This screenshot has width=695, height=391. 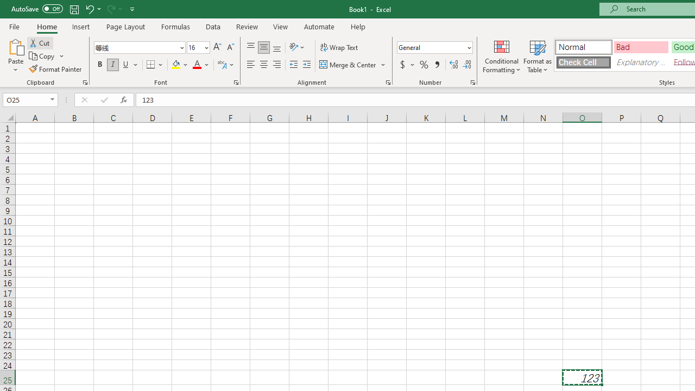 I want to click on 'Check Cell', so click(x=583, y=62).